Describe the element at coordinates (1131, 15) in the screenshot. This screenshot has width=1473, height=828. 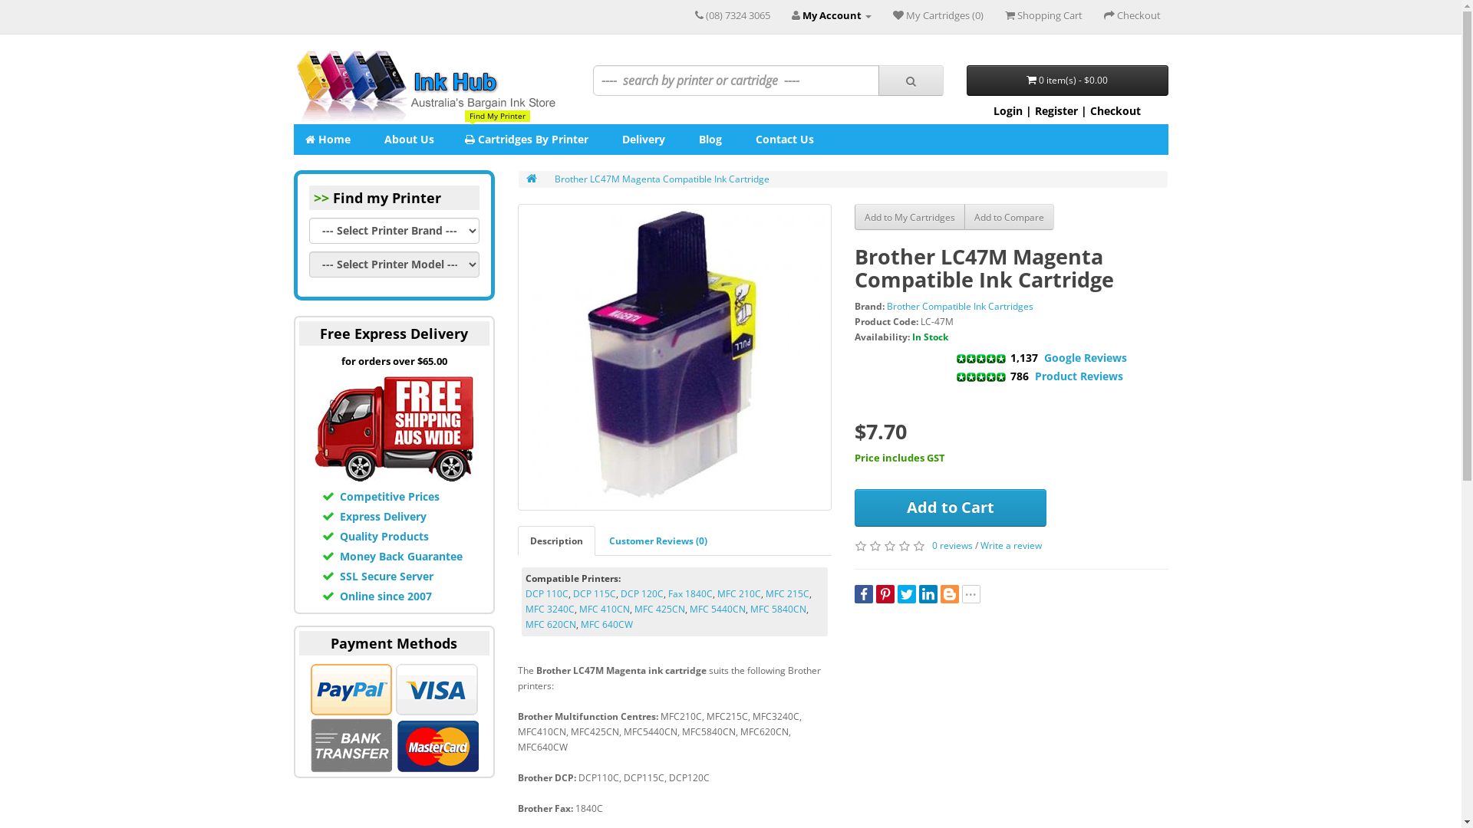
I see `'Checkout'` at that location.